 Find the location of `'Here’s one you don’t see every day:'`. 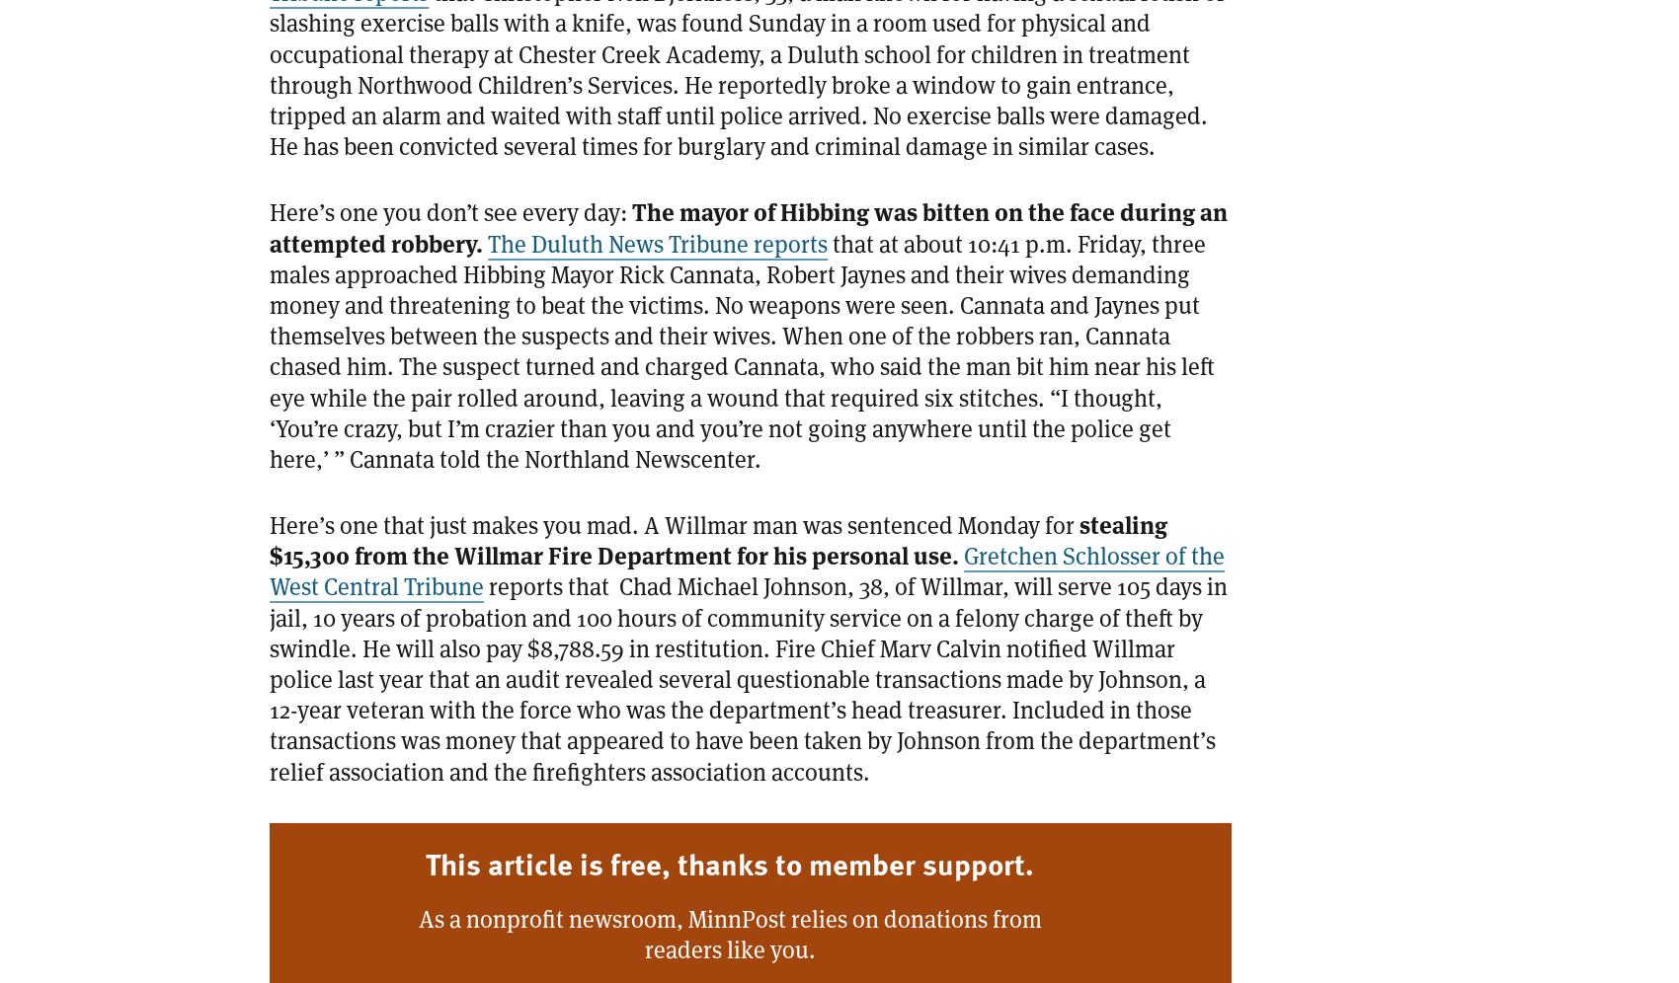

'Here’s one you don’t see every day:' is located at coordinates (450, 211).